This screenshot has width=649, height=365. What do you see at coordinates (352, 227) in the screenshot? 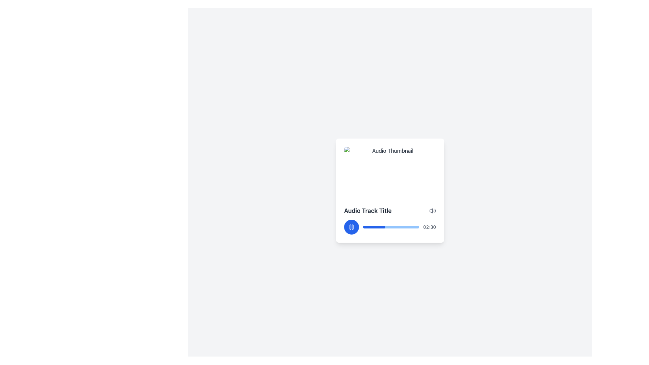
I see `the pause icon, which is a blue circular button containing two vertical white rectangles` at bounding box center [352, 227].